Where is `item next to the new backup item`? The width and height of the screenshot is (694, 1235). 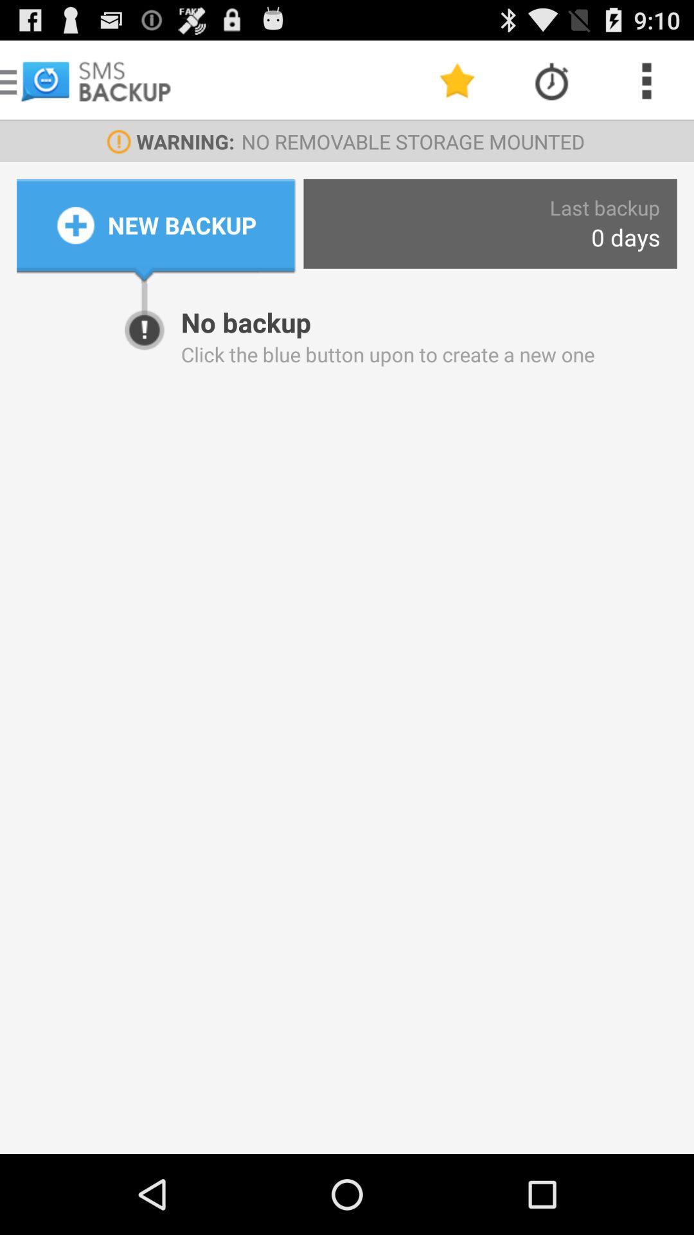
item next to the new backup item is located at coordinates (625, 237).